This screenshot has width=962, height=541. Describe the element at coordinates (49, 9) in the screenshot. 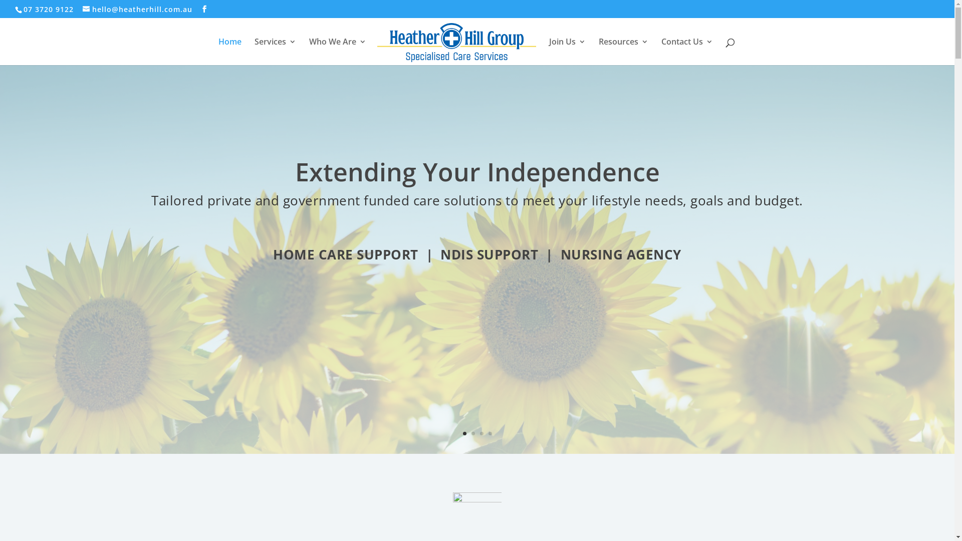

I see `'07 3720 9122'` at that location.